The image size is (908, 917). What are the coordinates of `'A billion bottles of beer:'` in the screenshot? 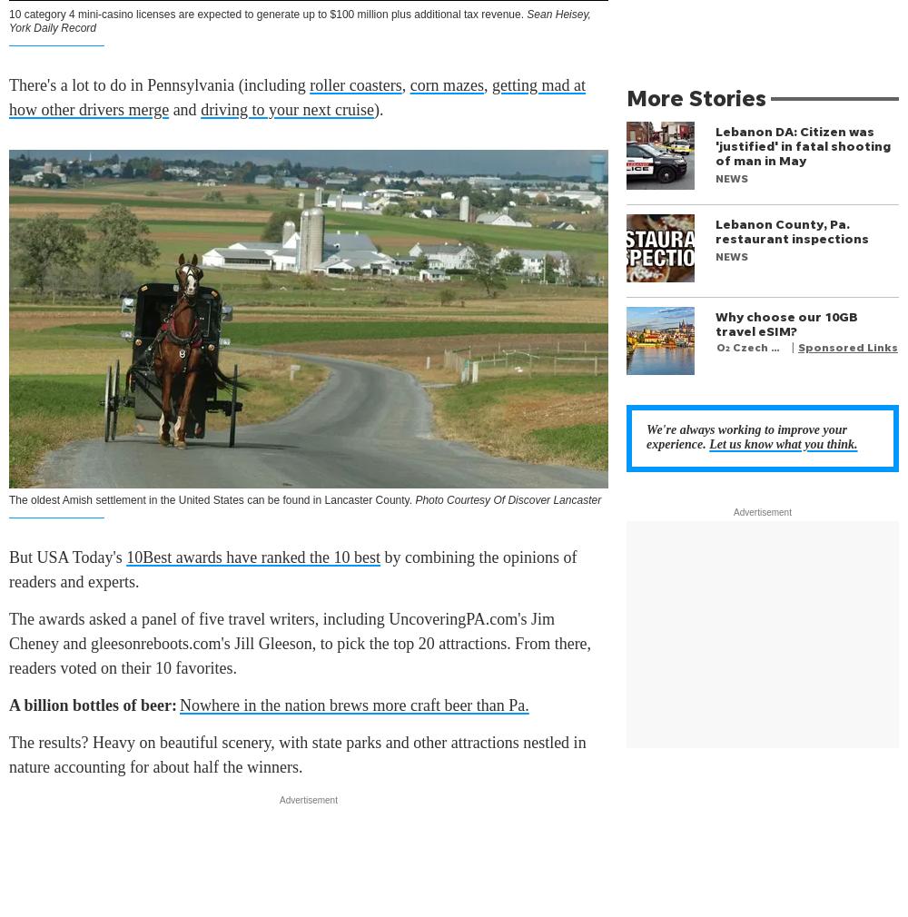 It's located at (92, 705).